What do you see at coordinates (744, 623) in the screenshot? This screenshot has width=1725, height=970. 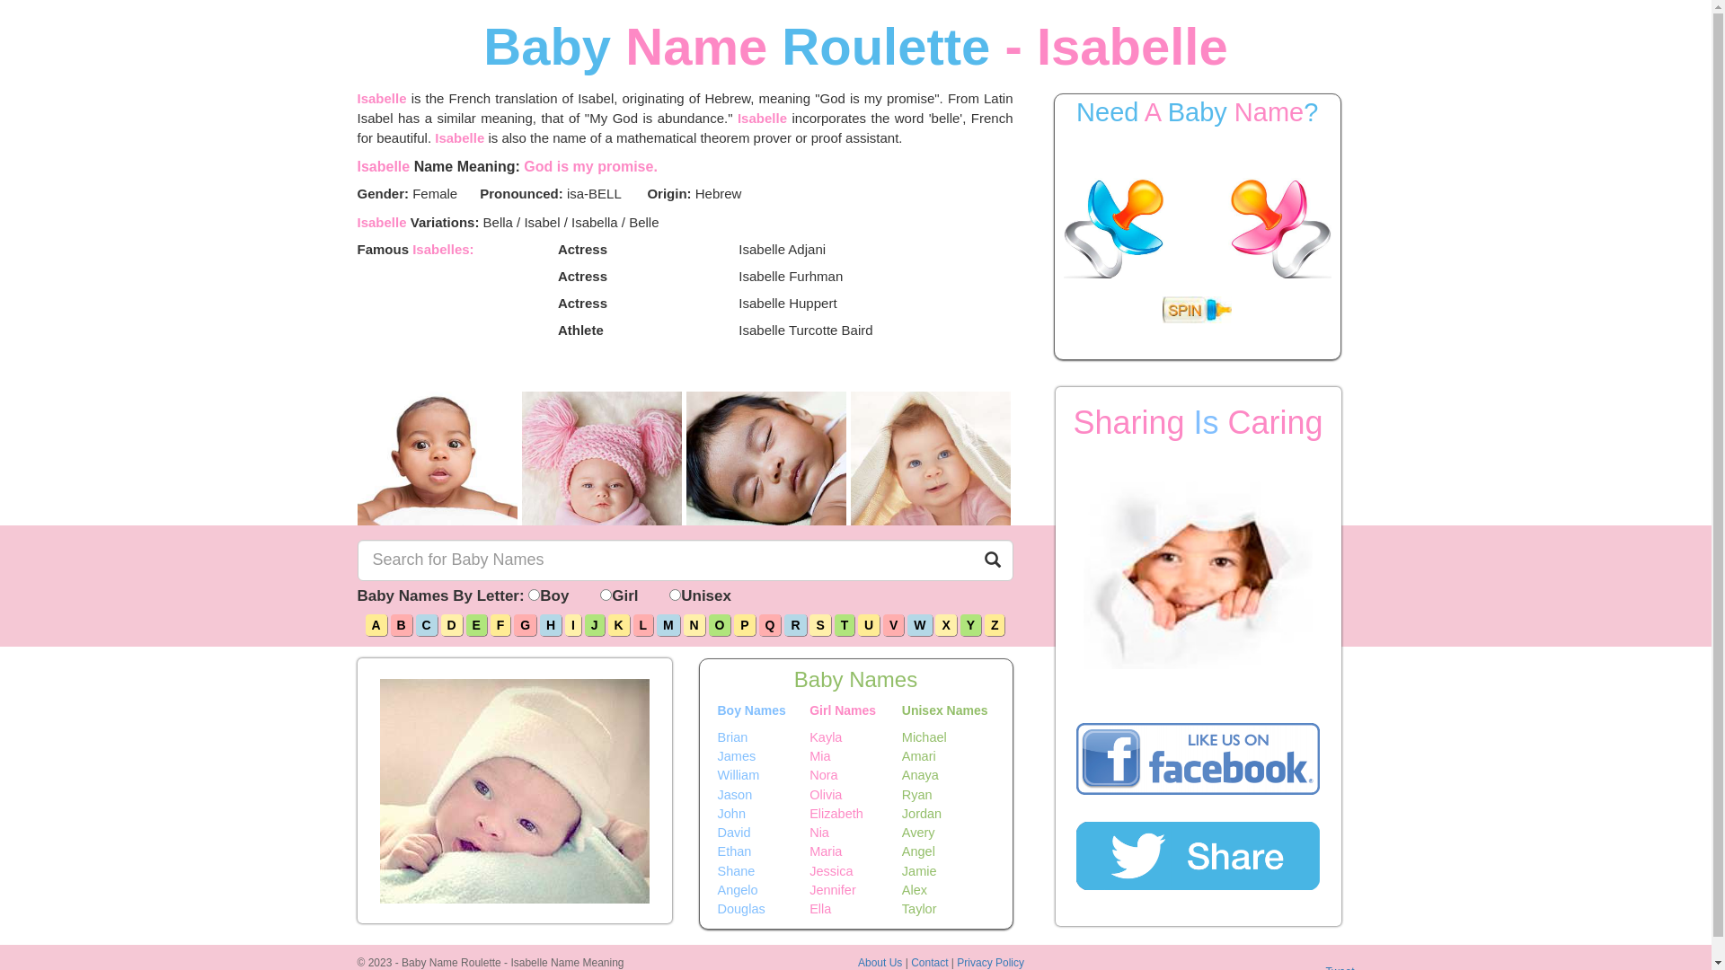 I see `'P'` at bounding box center [744, 623].